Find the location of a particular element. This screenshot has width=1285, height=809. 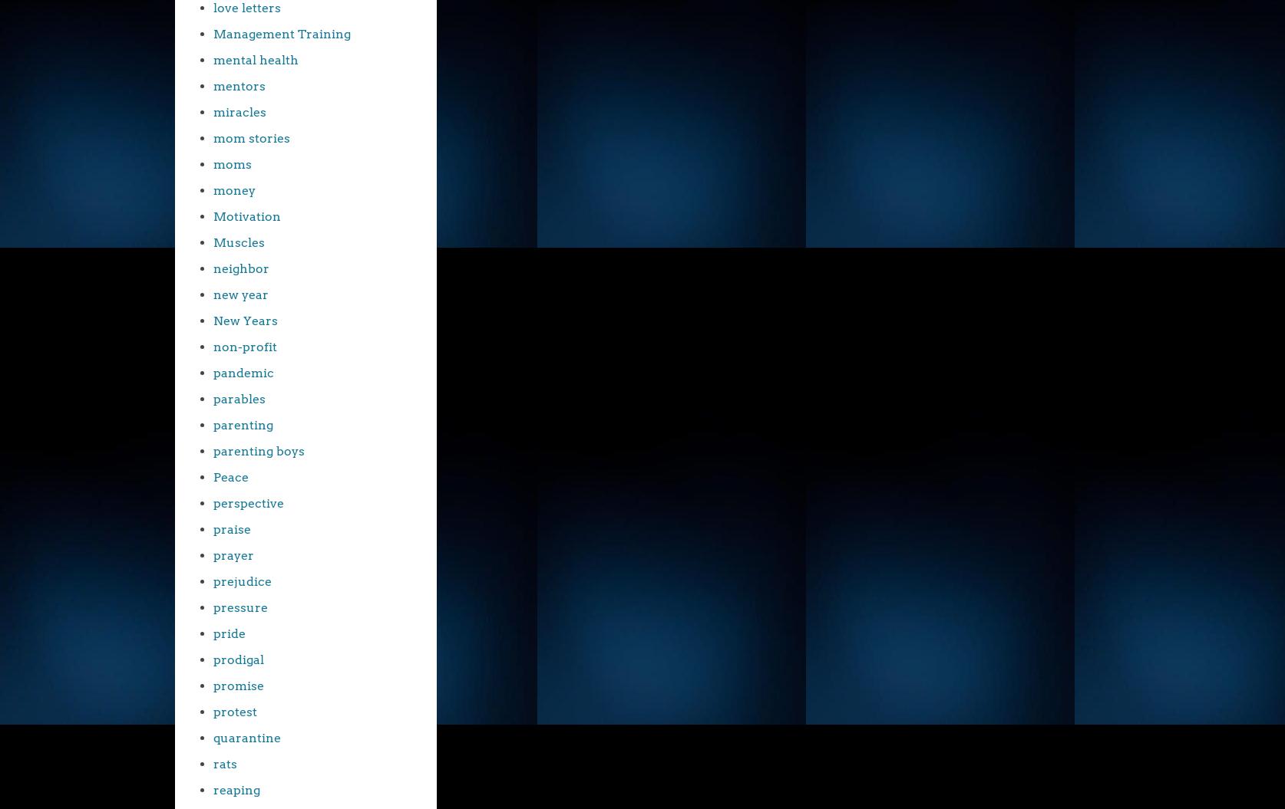

'reaping' is located at coordinates (236, 789).